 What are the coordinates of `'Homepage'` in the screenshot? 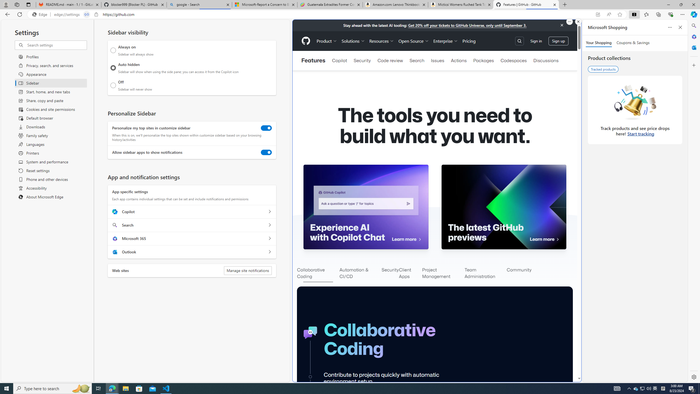 It's located at (305, 41).